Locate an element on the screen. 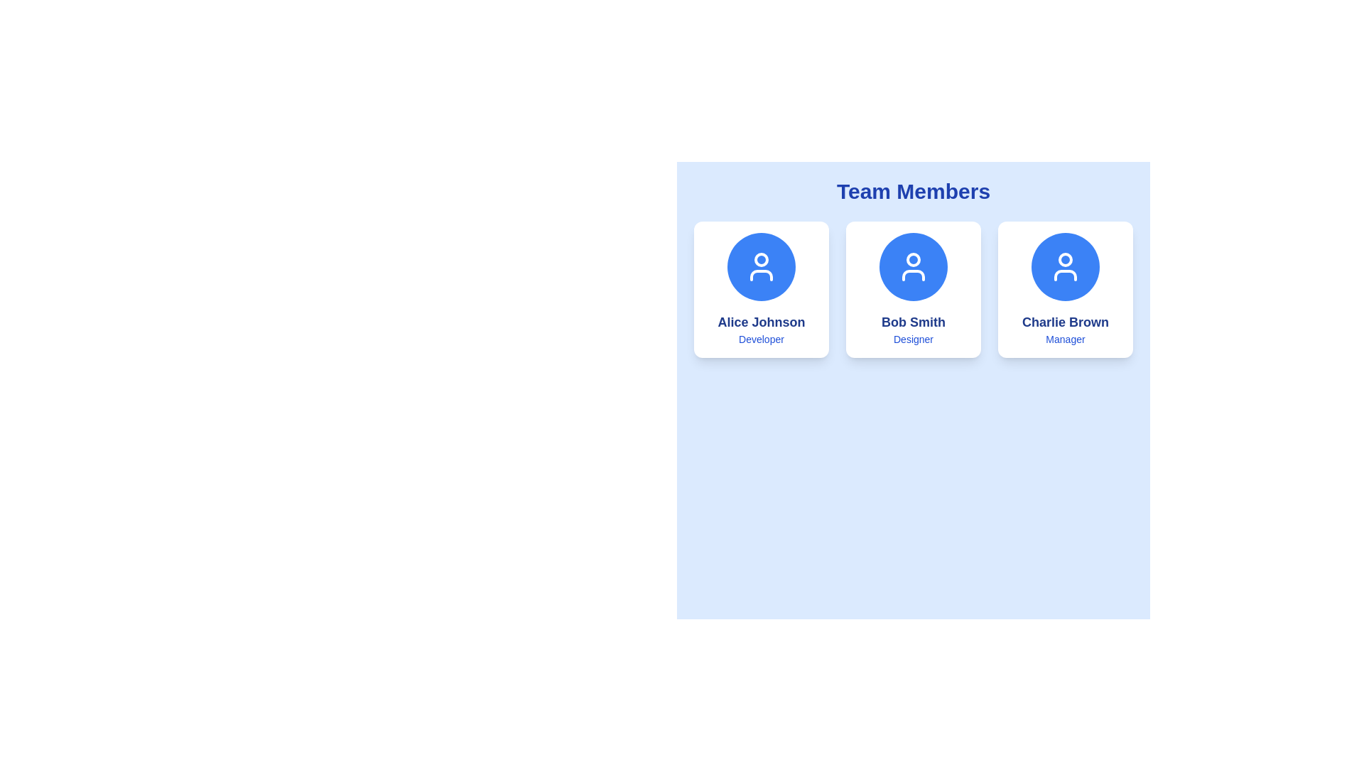 The width and height of the screenshot is (1364, 767). the circular graphical element located at the center-top portion of the avatar icon for team member 'Bob Smith' in the 'Team Members' section is located at coordinates (914, 260).